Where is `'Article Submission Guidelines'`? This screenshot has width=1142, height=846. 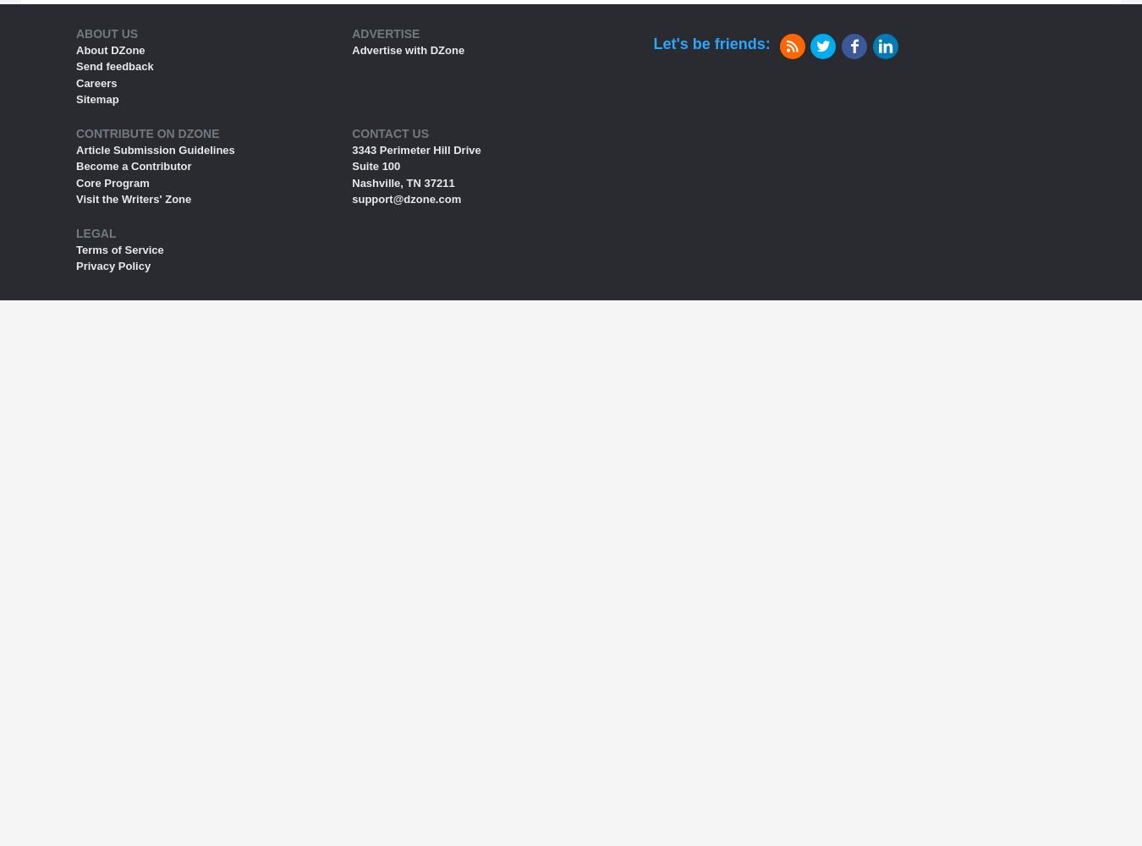
'Article Submission Guidelines' is located at coordinates (75, 149).